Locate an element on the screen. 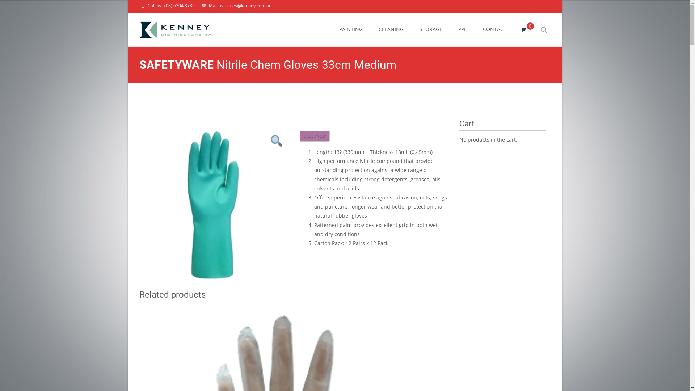 The height and width of the screenshot is (391, 695). 'Products' is located at coordinates (375, 101).